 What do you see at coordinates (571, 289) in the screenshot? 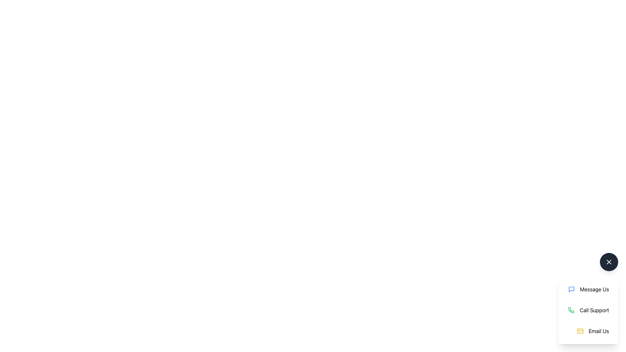
I see `the graphical speech bubble icon styled in blue, which is positioned to the left of the 'Message Us' text` at bounding box center [571, 289].